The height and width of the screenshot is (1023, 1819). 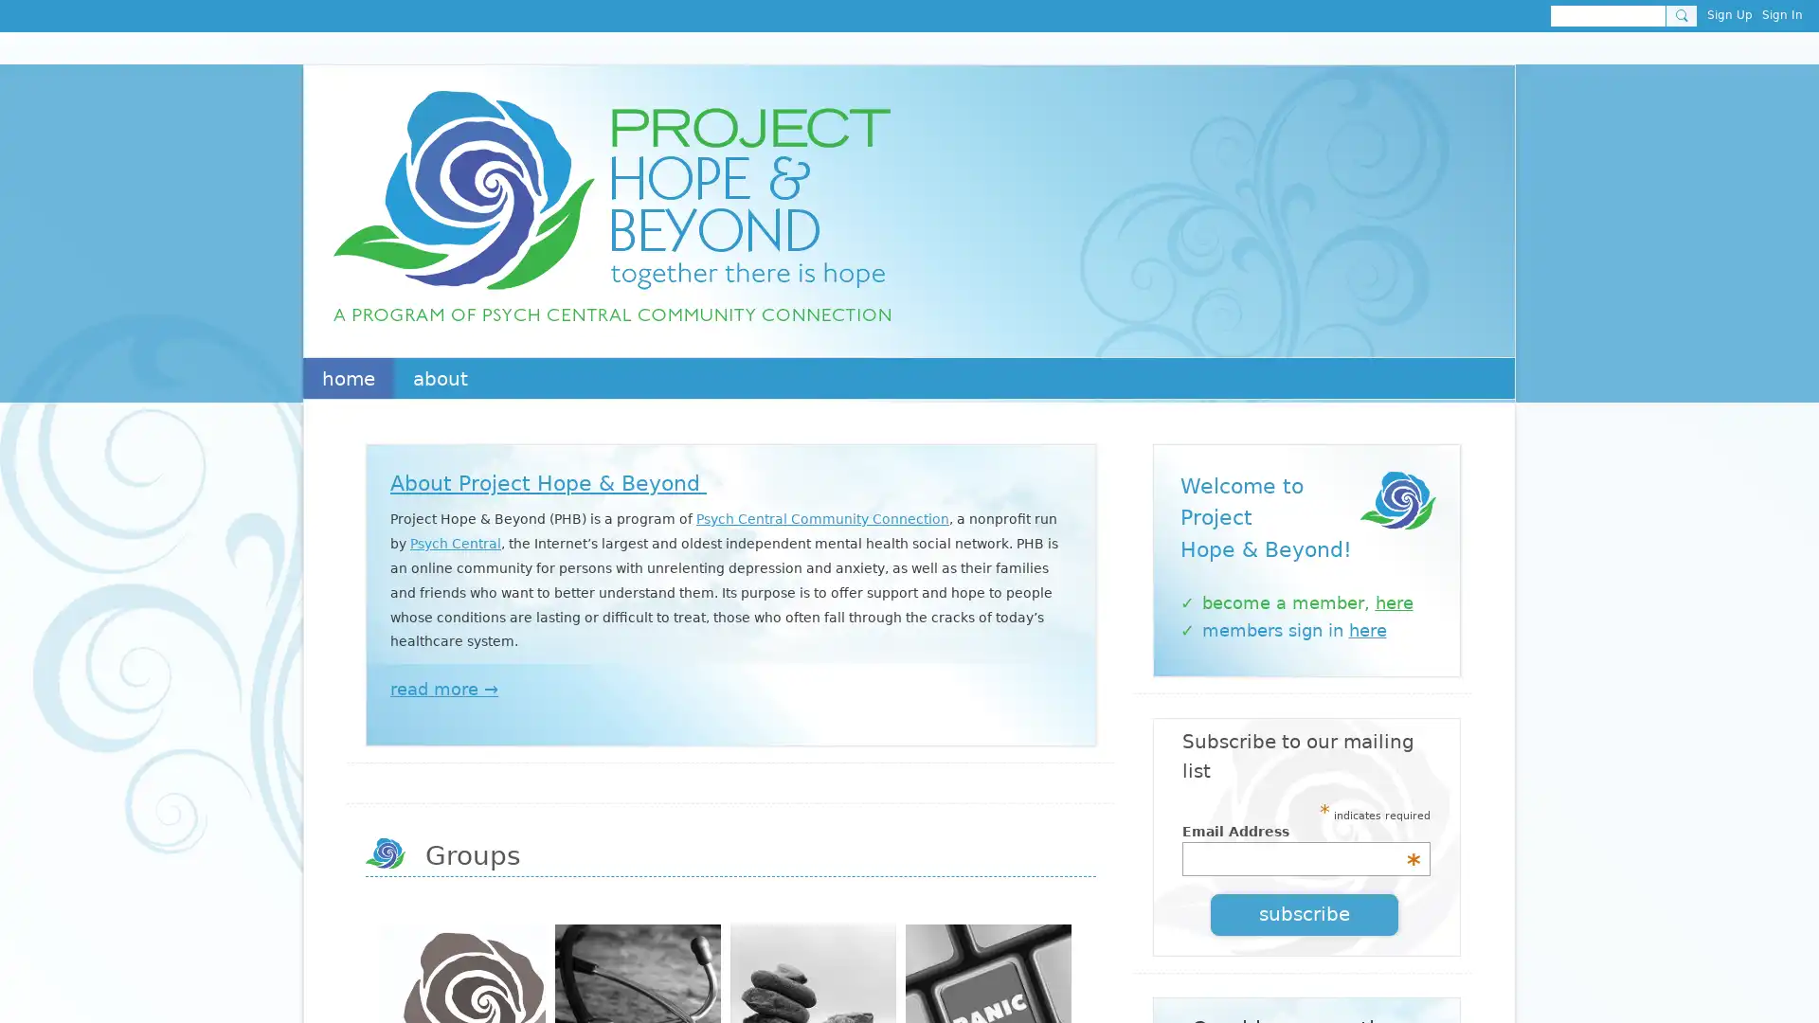 I want to click on Subscribe, so click(x=1304, y=912).